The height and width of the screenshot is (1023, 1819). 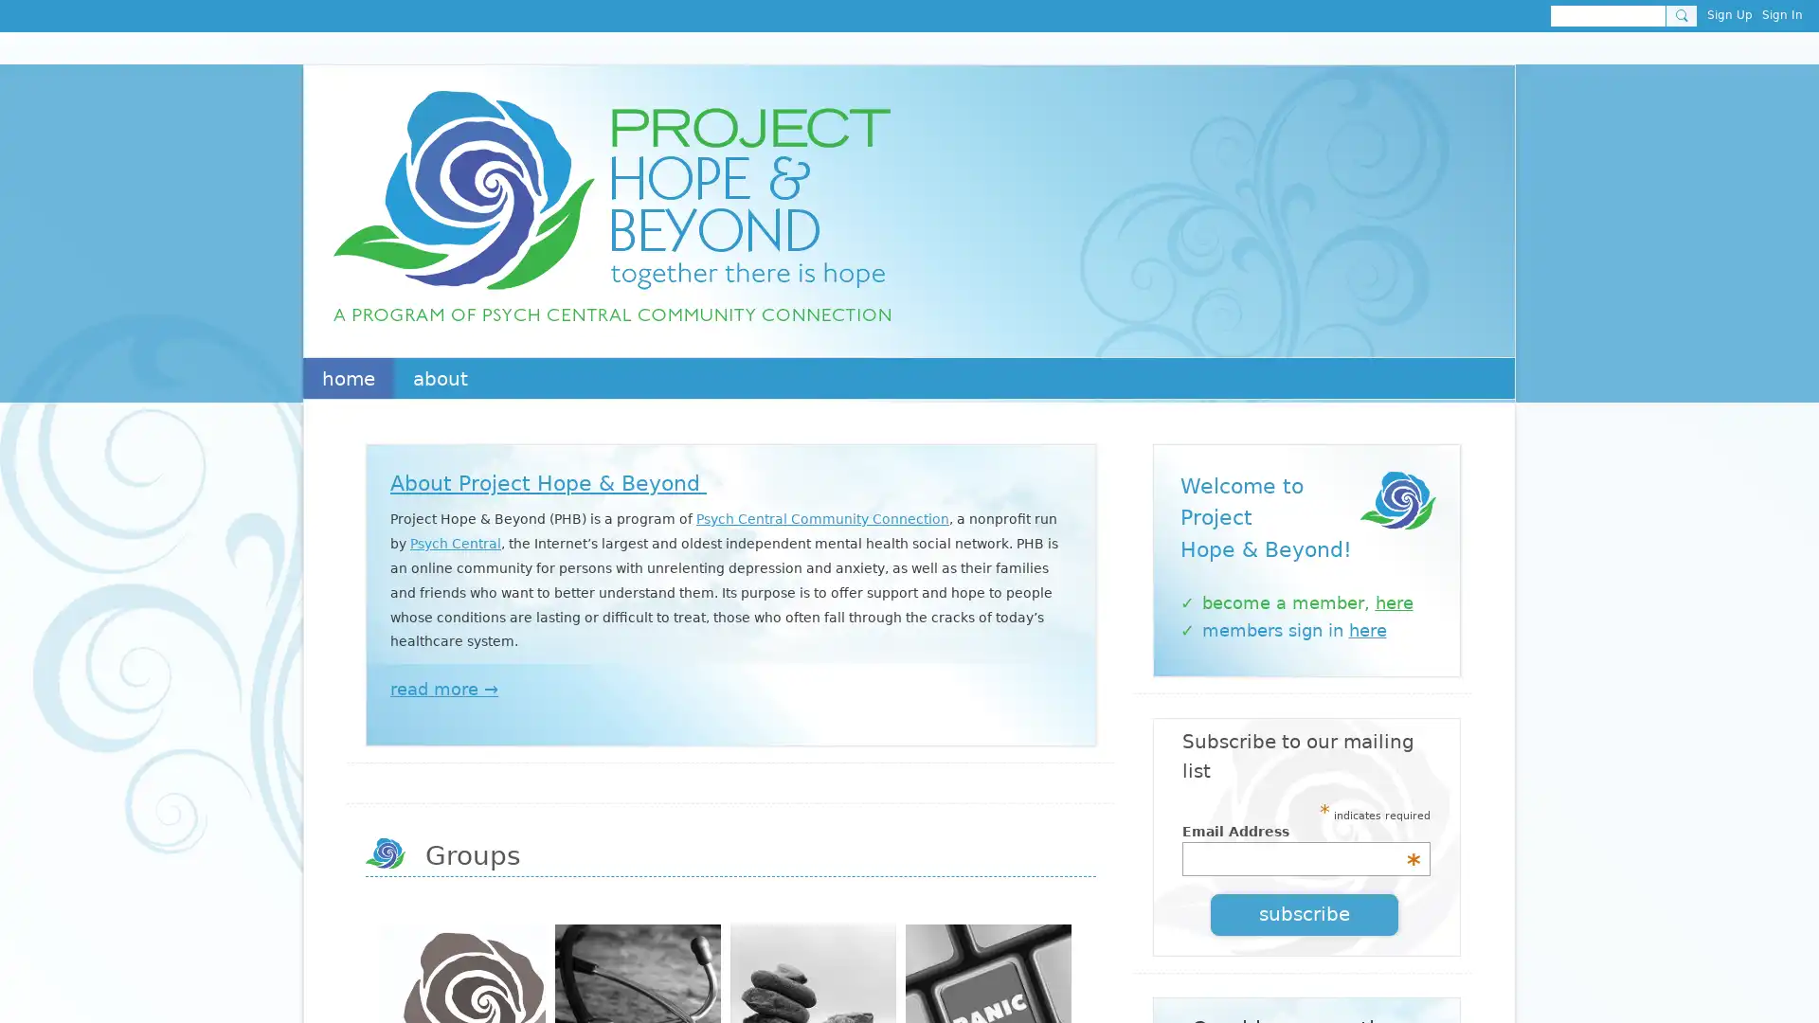 I want to click on Subscribe, so click(x=1304, y=912).